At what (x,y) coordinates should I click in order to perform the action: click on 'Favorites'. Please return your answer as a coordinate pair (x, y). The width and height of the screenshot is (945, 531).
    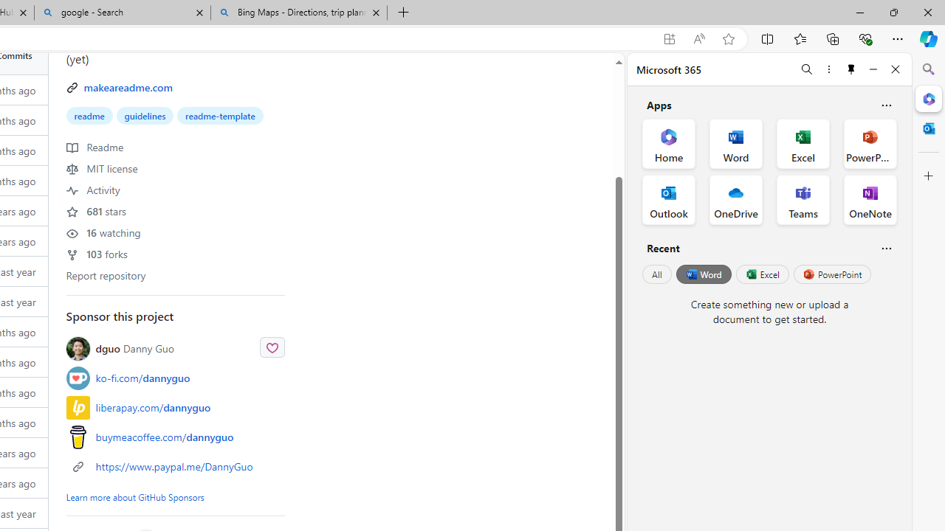
    Looking at the image, I should click on (799, 38).